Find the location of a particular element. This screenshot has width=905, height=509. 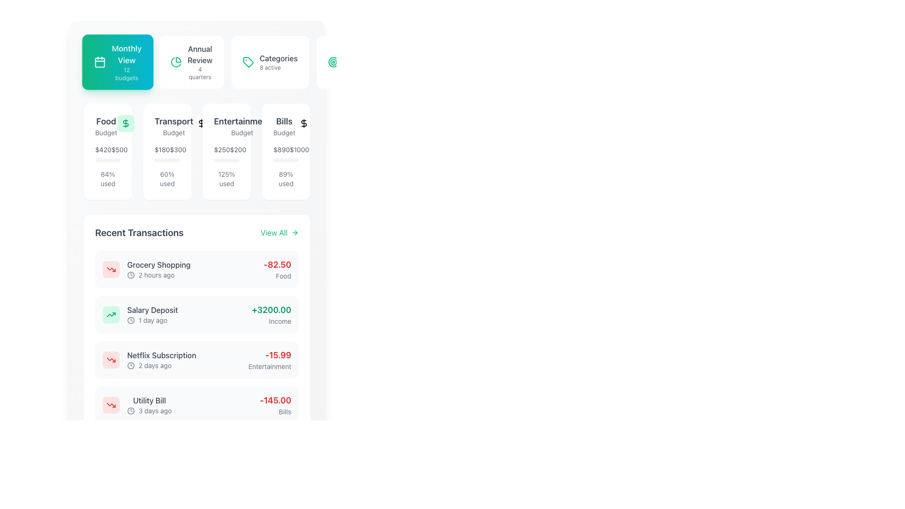

the dollar sign icon with a black color and violet rounded background located under the 'Bills' budget tile in the 'Monthly View' is located at coordinates (278, 123).